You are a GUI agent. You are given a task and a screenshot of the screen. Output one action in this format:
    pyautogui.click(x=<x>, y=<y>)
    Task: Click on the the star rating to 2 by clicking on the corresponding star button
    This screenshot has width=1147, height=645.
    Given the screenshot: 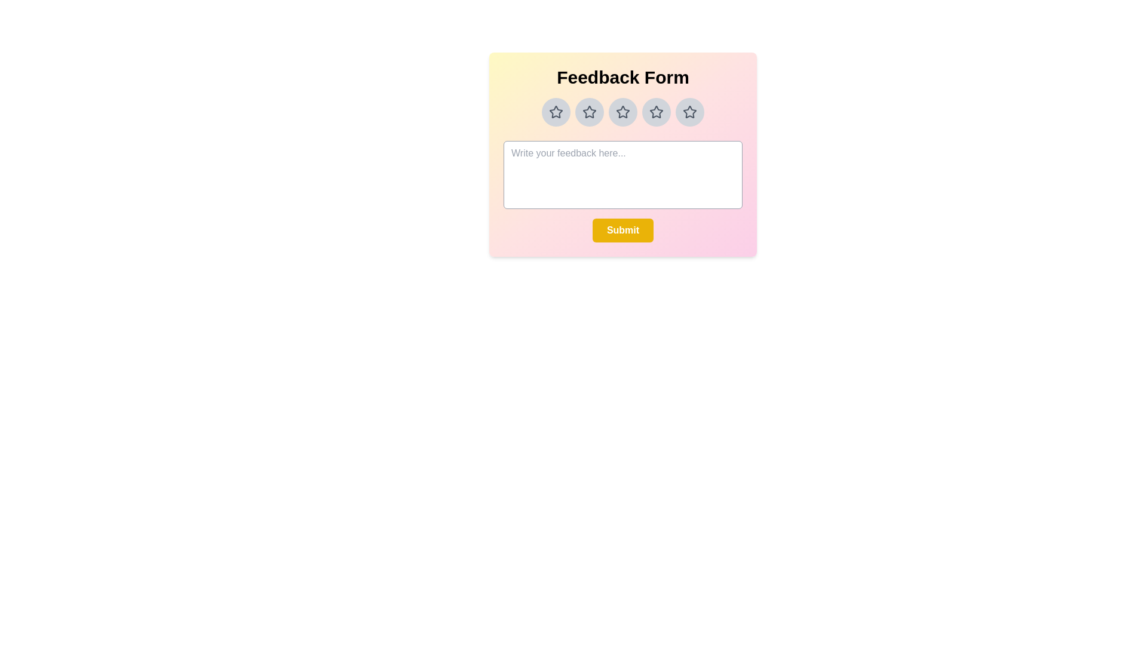 What is the action you would take?
    pyautogui.click(x=590, y=112)
    